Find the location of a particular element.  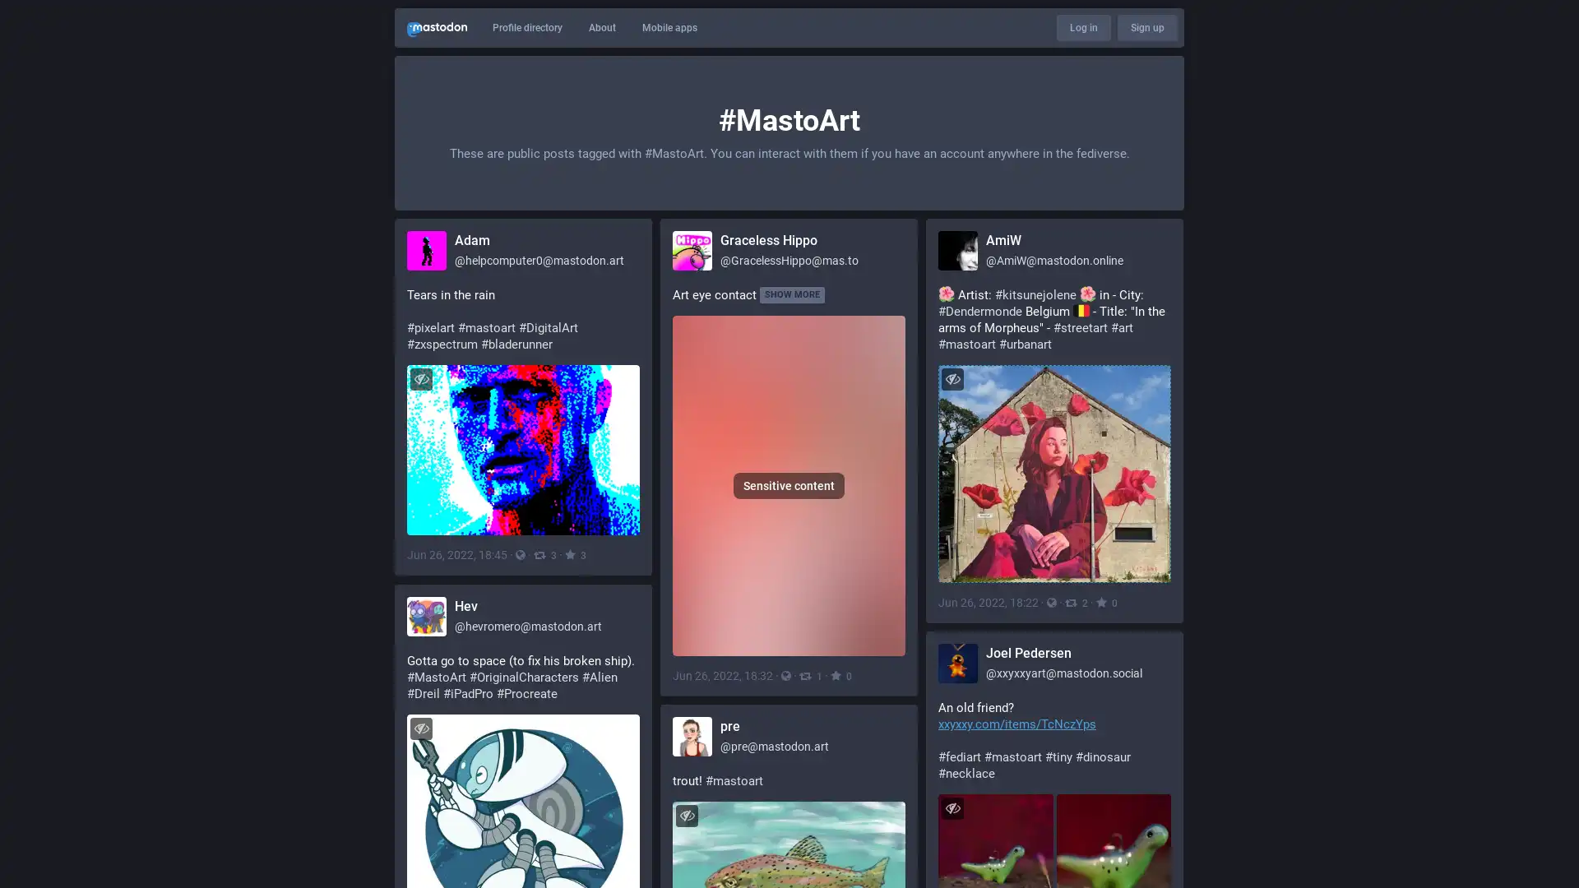

Hide image is located at coordinates (687, 823).